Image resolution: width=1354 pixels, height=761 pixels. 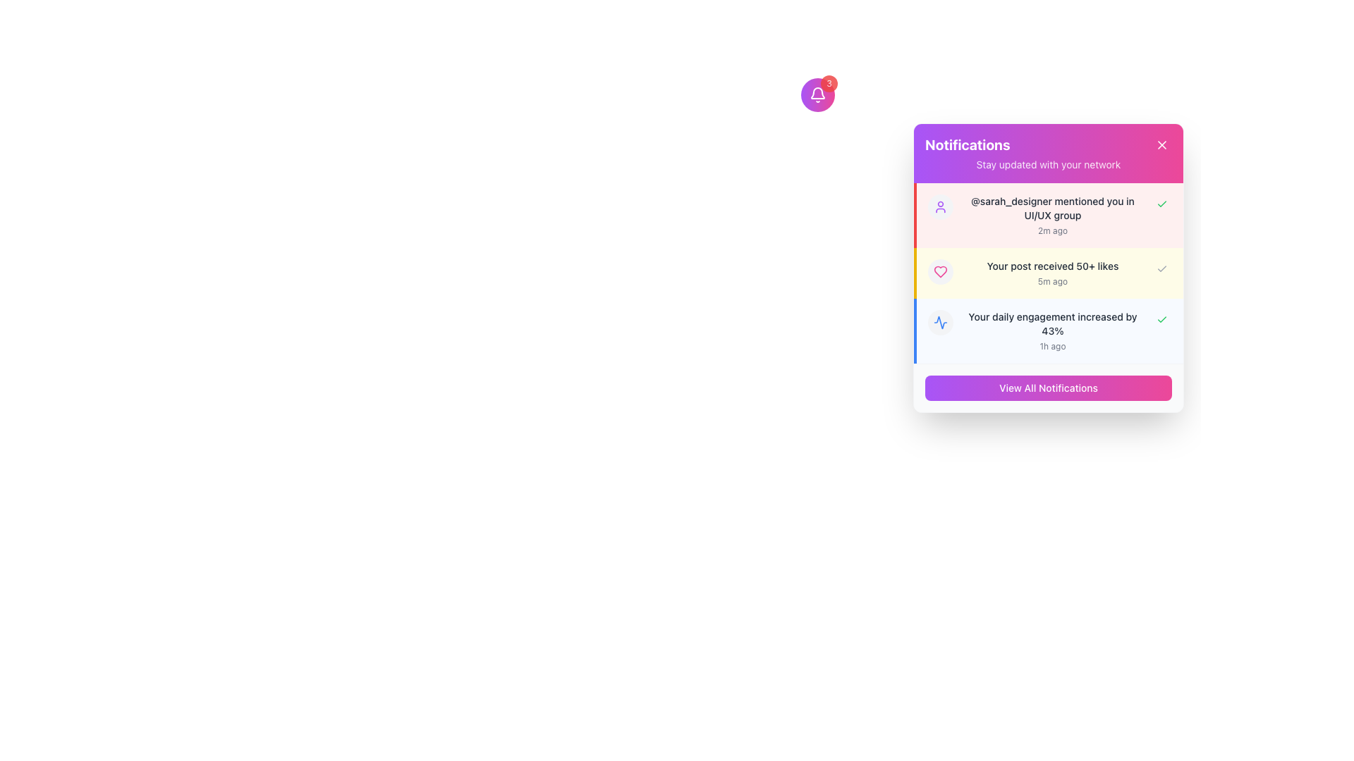 I want to click on the text label that reads 'Your post received 50+ likes,' which is styled in a medium-weight font and grayish color, located in the middle of a vertical stack of notifications, so click(x=1052, y=266).